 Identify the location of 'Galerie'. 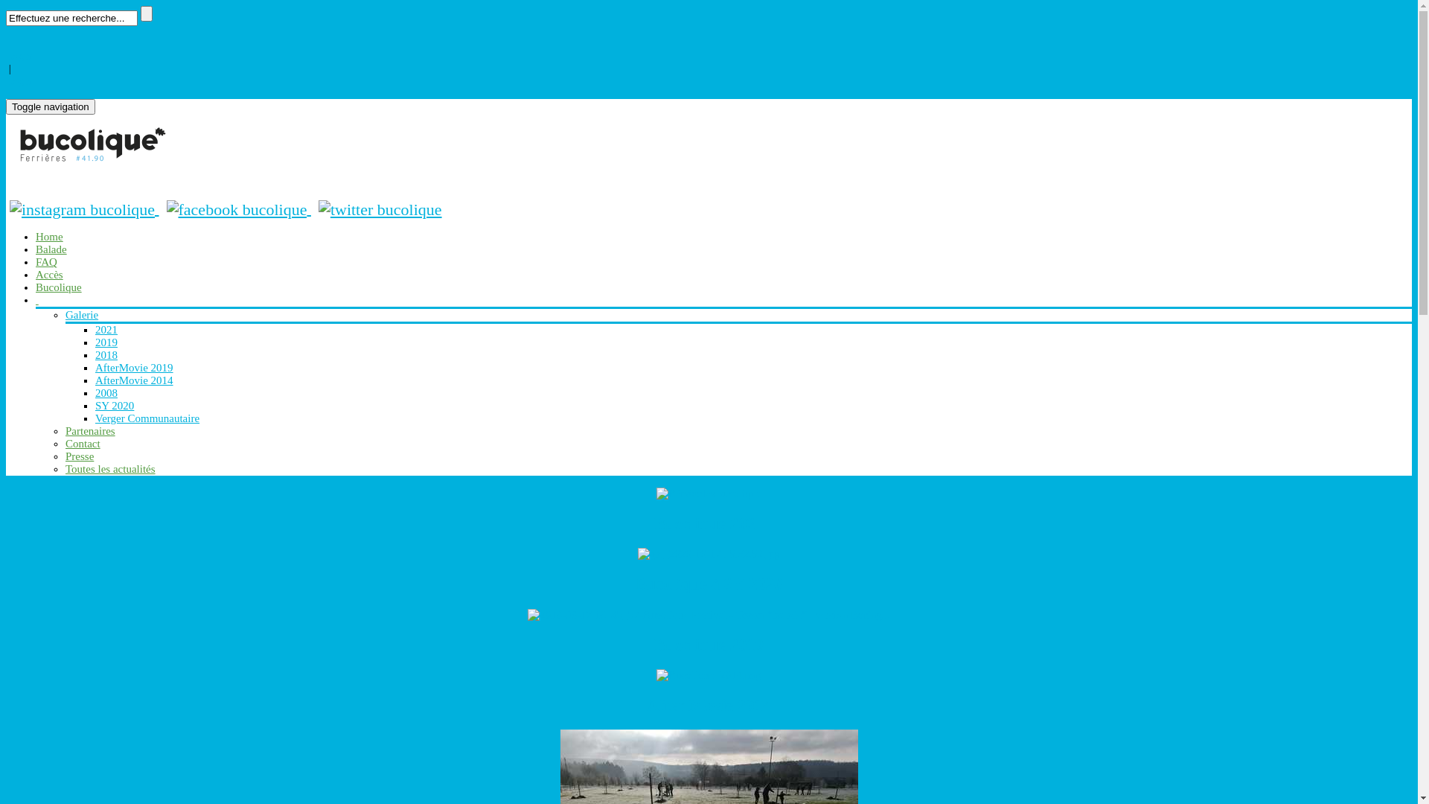
(81, 314).